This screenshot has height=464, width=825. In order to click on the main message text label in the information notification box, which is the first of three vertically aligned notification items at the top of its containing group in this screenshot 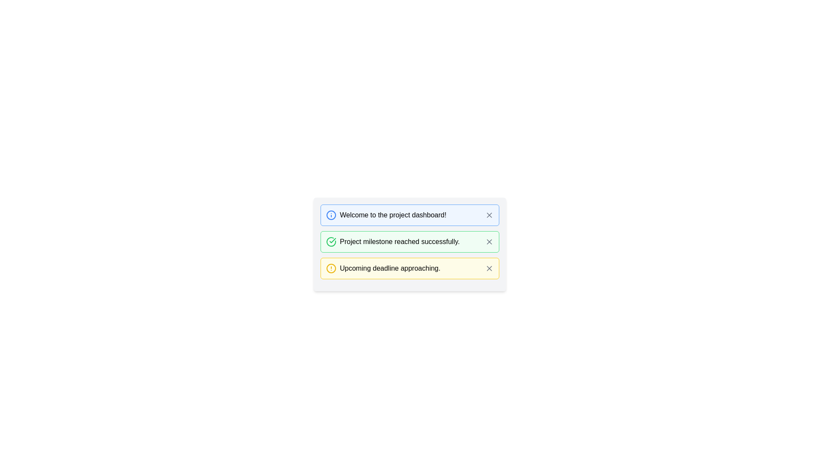, I will do `click(392, 215)`.